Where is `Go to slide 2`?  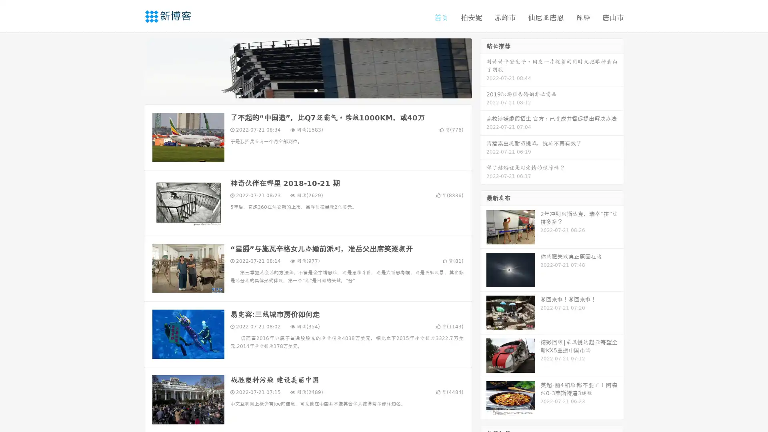
Go to slide 2 is located at coordinates (307, 90).